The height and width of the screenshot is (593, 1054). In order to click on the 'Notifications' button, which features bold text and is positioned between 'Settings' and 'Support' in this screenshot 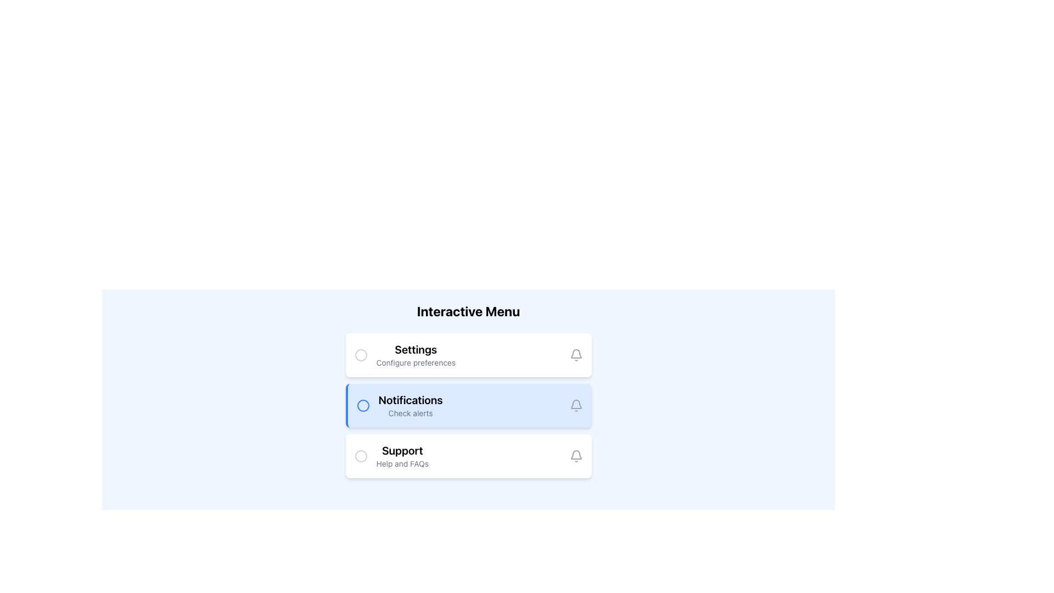, I will do `click(410, 406)`.